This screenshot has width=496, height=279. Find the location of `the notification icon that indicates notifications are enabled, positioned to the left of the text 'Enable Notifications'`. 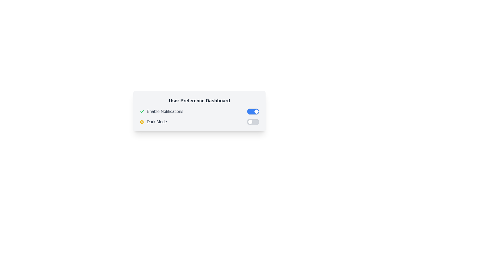

the notification icon that indicates notifications are enabled, positioned to the left of the text 'Enable Notifications' is located at coordinates (142, 111).